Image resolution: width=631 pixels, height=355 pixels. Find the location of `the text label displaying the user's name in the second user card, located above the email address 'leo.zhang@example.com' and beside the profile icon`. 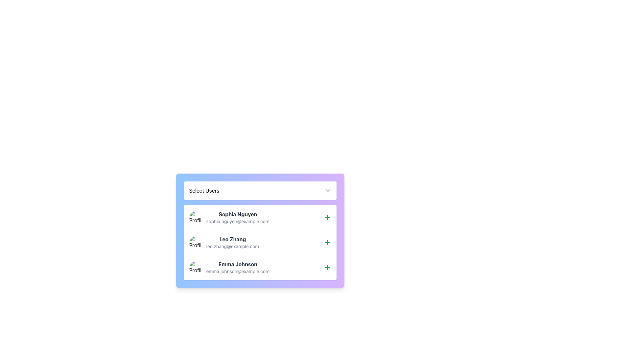

the text label displaying the user's name in the second user card, located above the email address 'leo.zhang@example.com' and beside the profile icon is located at coordinates (232, 239).